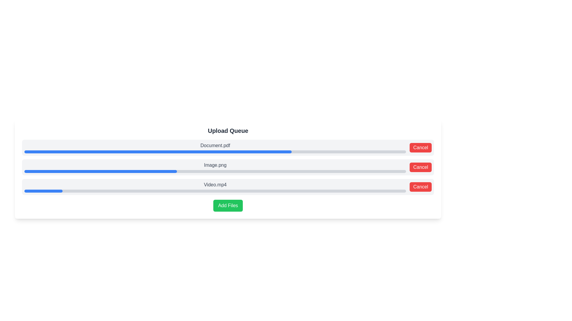 This screenshot has width=572, height=321. Describe the element at coordinates (228, 205) in the screenshot. I see `the button that allows users to add more files to the upload queue, located at the bottom of the 'Upload Queue' interface` at that location.